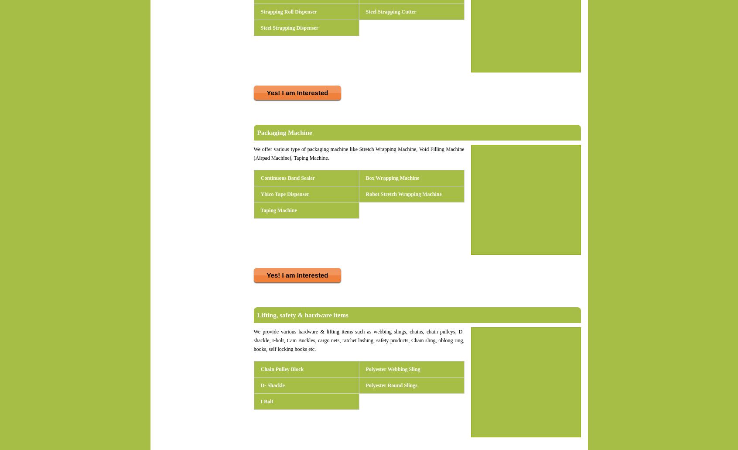 The image size is (738, 450). What do you see at coordinates (272, 385) in the screenshot?
I see `'D- Shackle'` at bounding box center [272, 385].